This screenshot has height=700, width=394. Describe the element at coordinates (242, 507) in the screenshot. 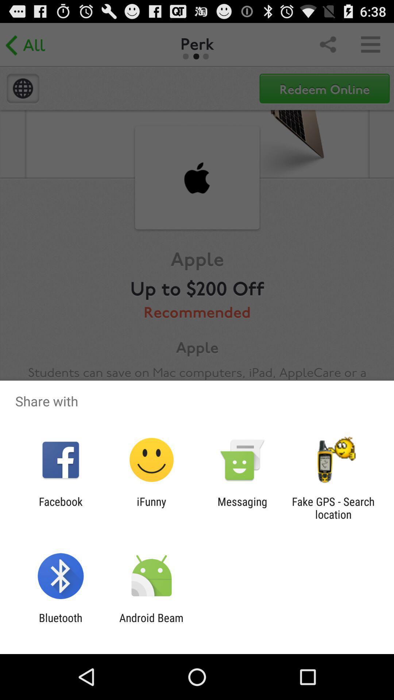

I see `the app to the right of the ifunny` at that location.